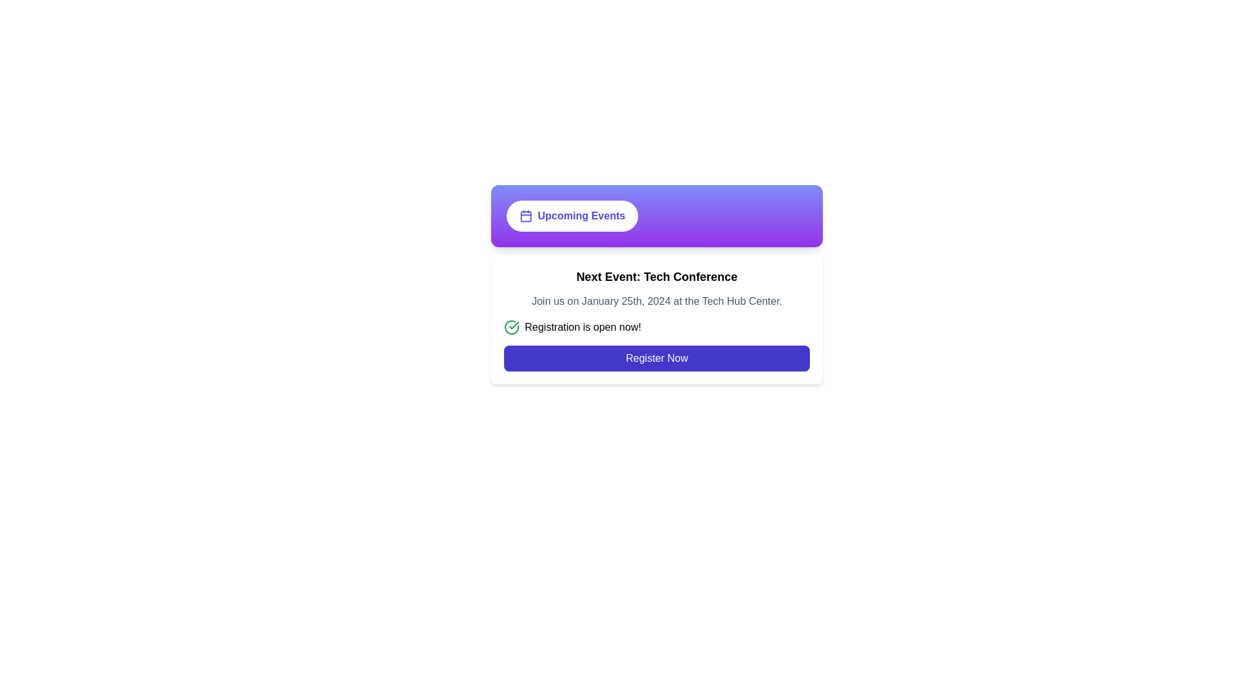 The height and width of the screenshot is (699, 1244). I want to click on the visual indicator icon confirming that registration is currently active, located to the left of the text 'Registration is open now!', so click(511, 326).